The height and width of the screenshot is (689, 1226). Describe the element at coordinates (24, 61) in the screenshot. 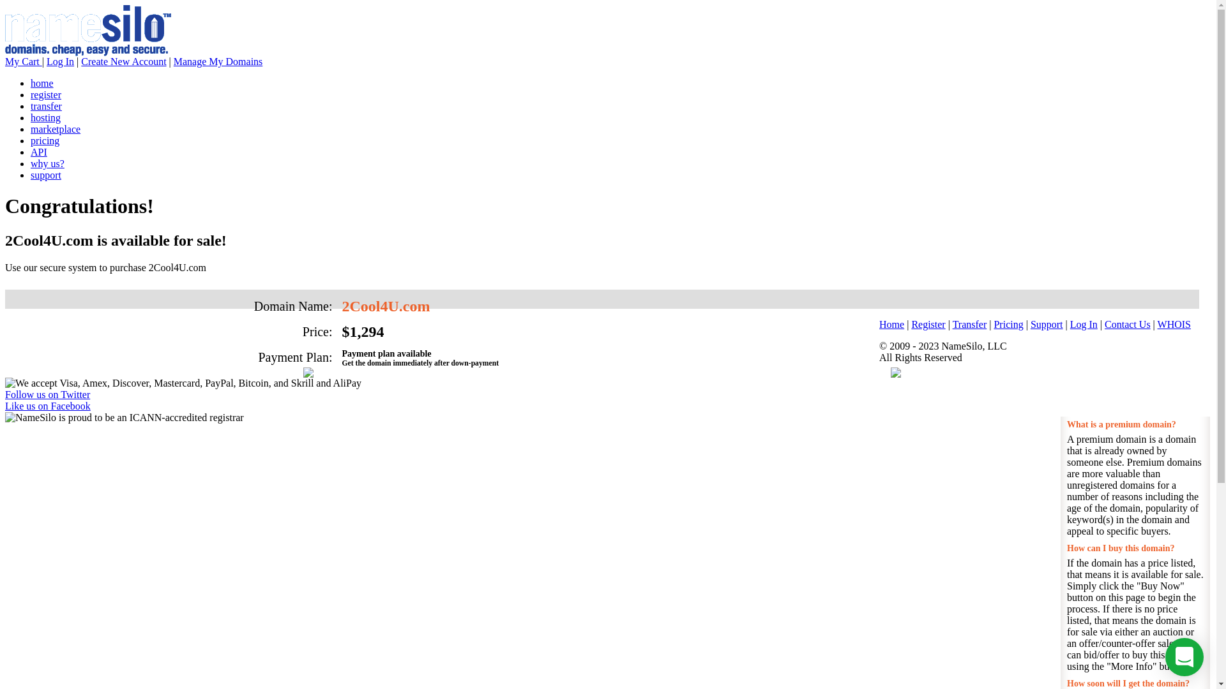

I see `'My Cart'` at that location.